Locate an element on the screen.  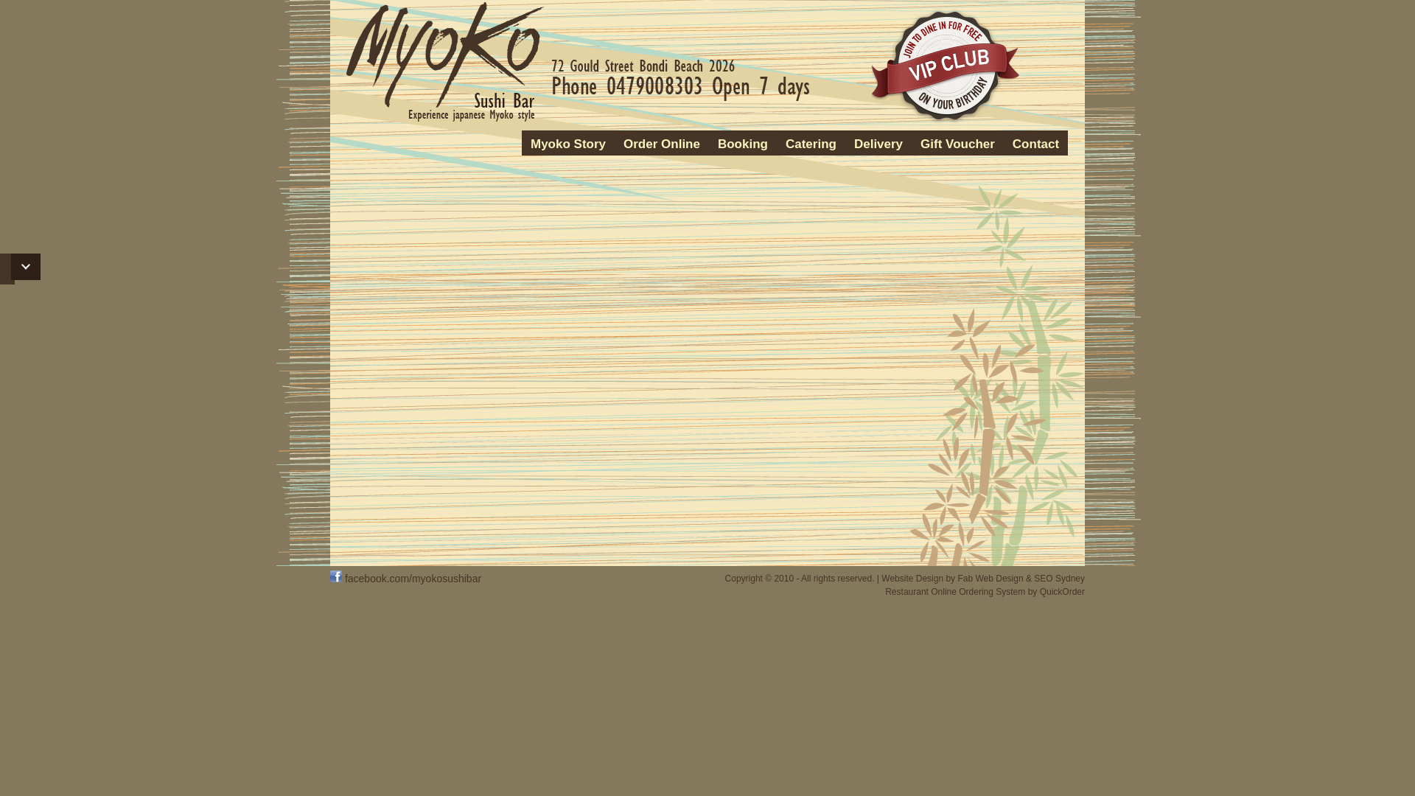
'Delivery' is located at coordinates (878, 144).